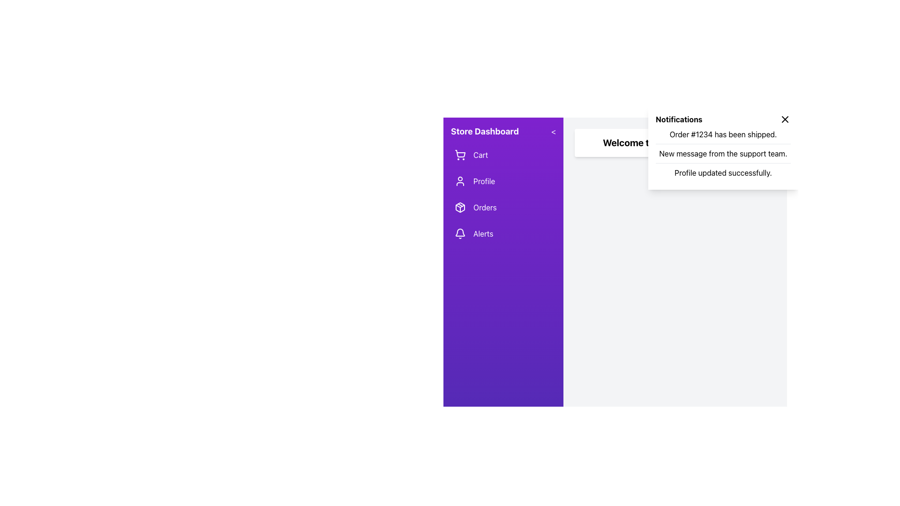 The height and width of the screenshot is (506, 900). What do you see at coordinates (722, 172) in the screenshot?
I see `the third notification item in the Notifications box that informs the user about a successful profile update, located beneath the 'New message from the support team'` at bounding box center [722, 172].